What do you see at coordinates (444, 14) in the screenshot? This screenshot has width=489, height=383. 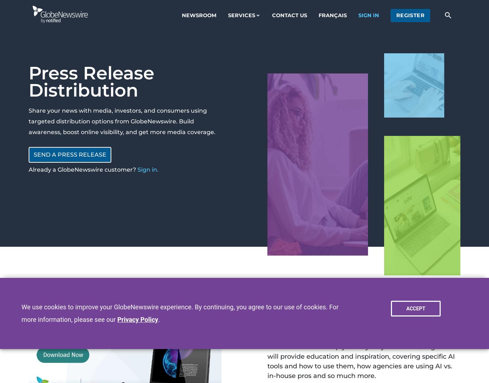 I see `'search'` at bounding box center [444, 14].